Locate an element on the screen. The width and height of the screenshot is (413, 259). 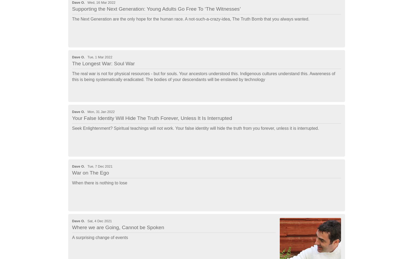
'Mon, 31 Jan 2022' is located at coordinates (100, 112).